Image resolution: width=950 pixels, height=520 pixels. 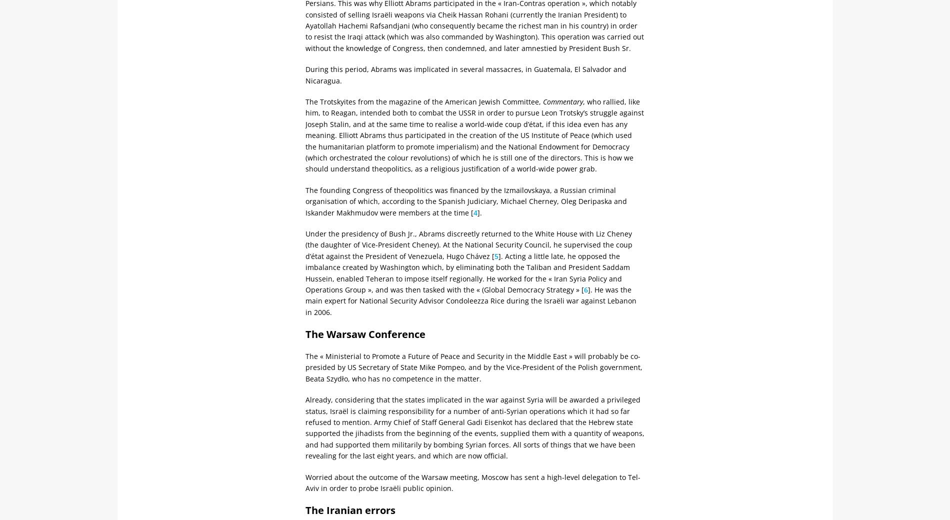 I want to click on '].', so click(x=479, y=212).